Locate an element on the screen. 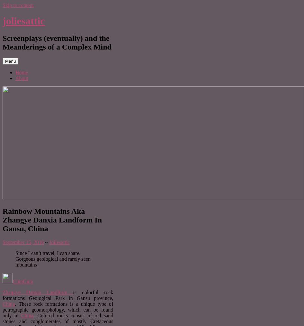  'Joliesattic' is located at coordinates (49, 241).